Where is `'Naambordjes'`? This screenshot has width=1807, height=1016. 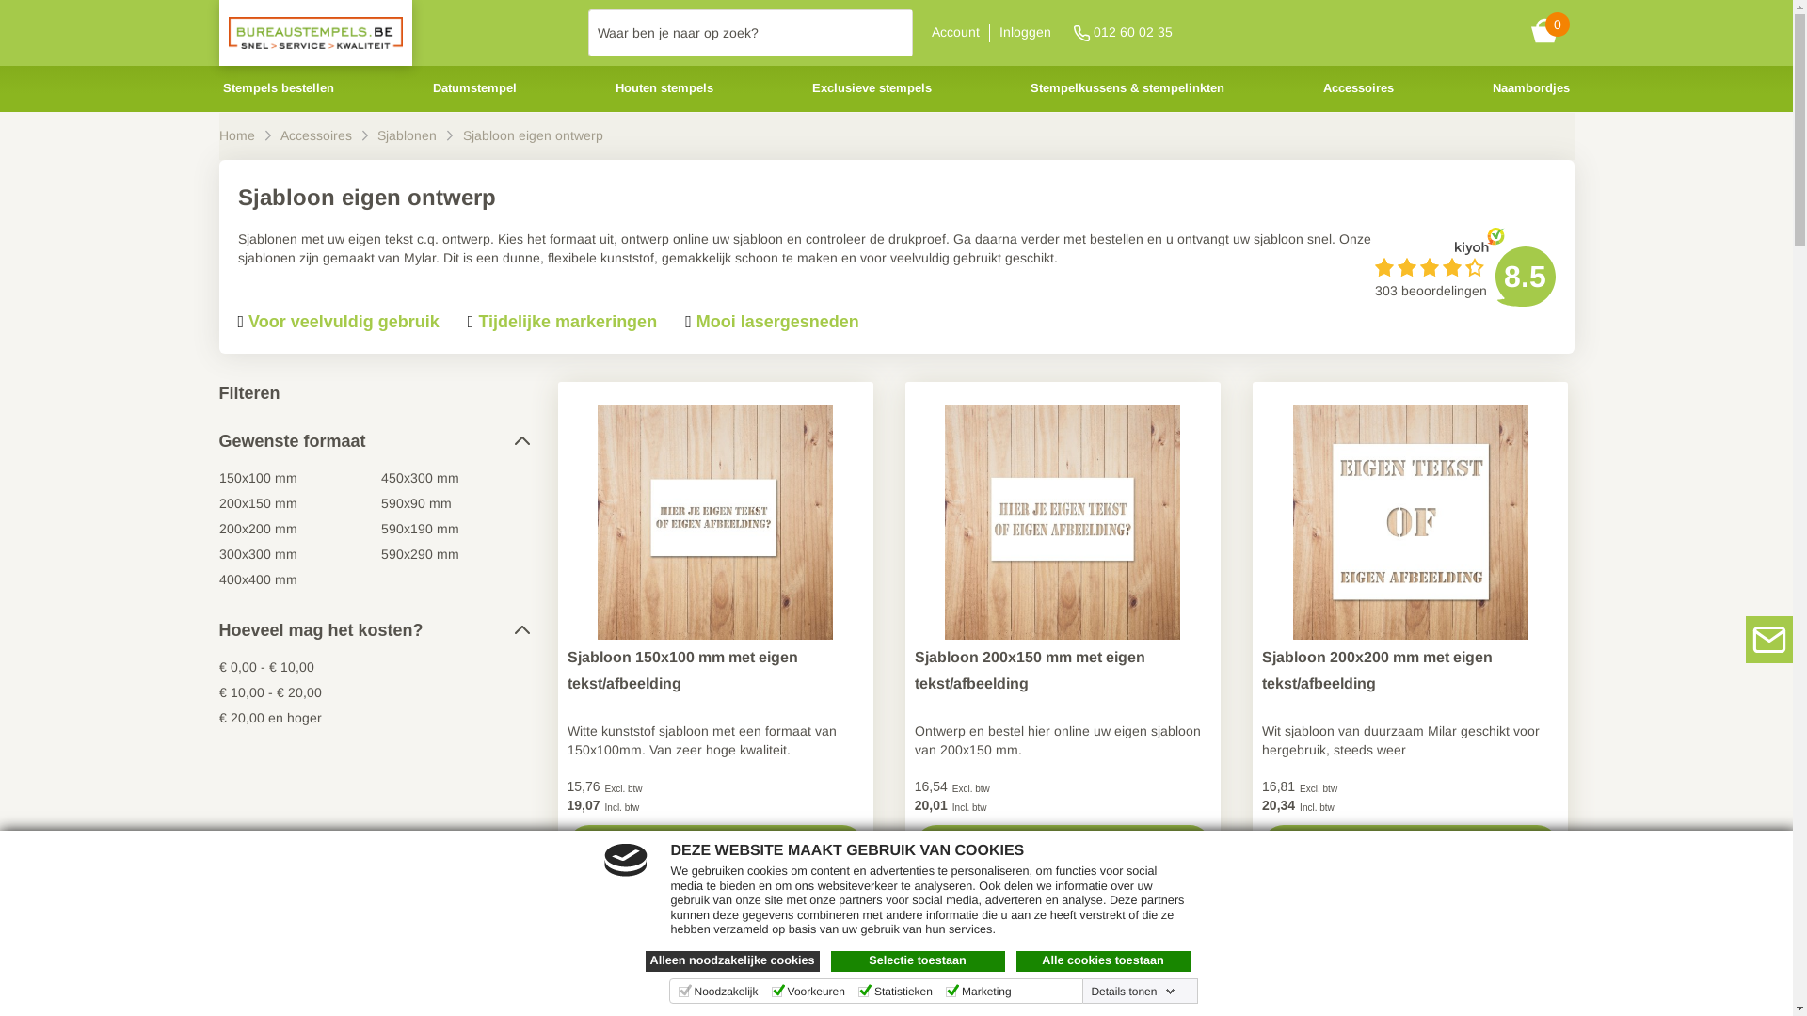
'Naambordjes' is located at coordinates (1531, 87).